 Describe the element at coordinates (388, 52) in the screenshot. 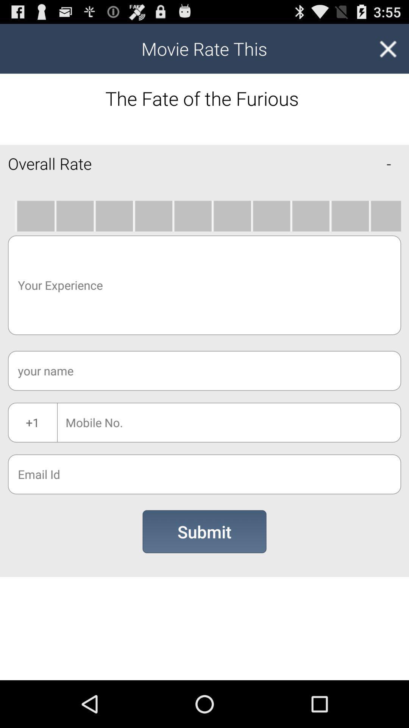

I see `the close icon` at that location.